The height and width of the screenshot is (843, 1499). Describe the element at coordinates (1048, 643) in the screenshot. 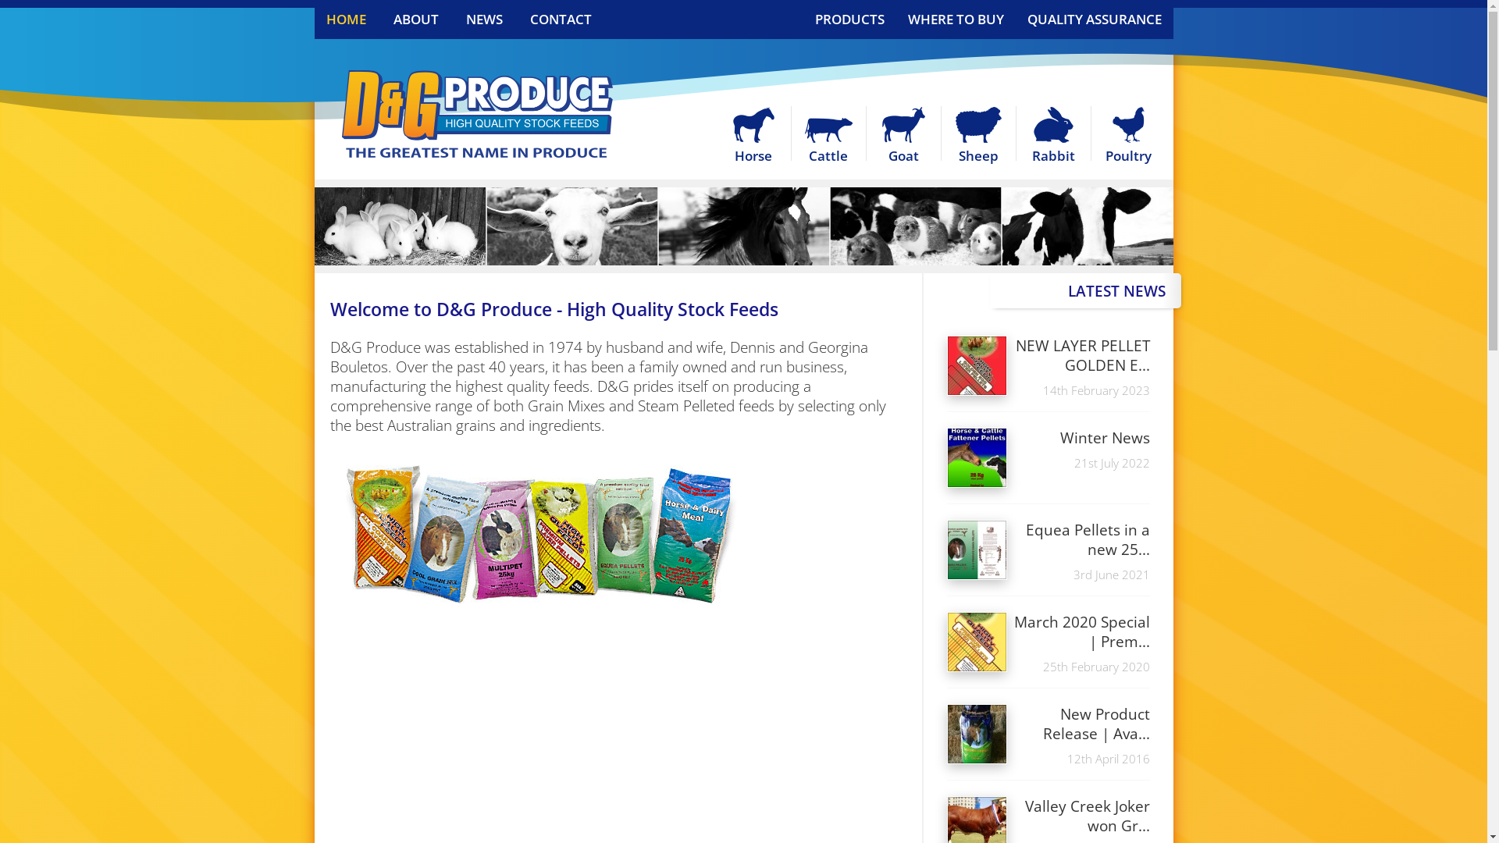

I see `'March 2020 Special | Prem...` at that location.